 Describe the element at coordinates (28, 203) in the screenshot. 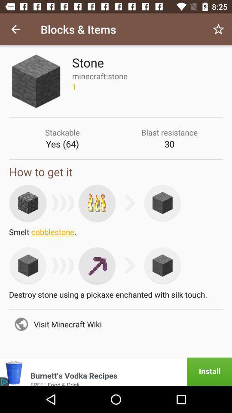

I see `first stone` at that location.